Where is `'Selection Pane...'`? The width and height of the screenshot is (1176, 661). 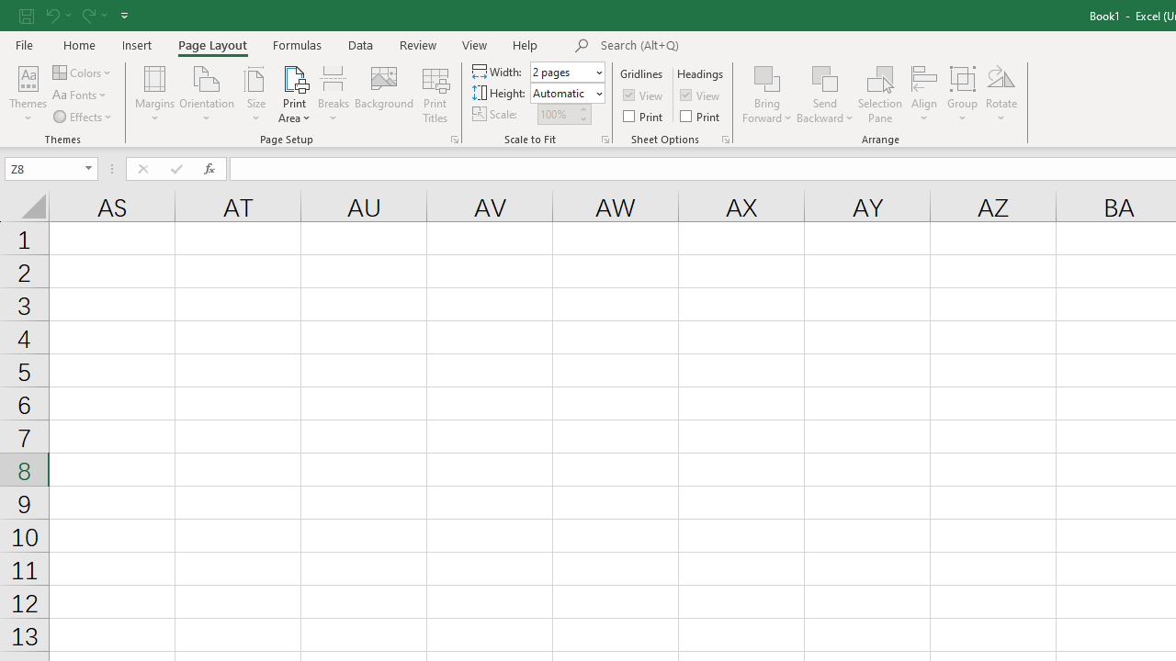
'Selection Pane...' is located at coordinates (879, 95).